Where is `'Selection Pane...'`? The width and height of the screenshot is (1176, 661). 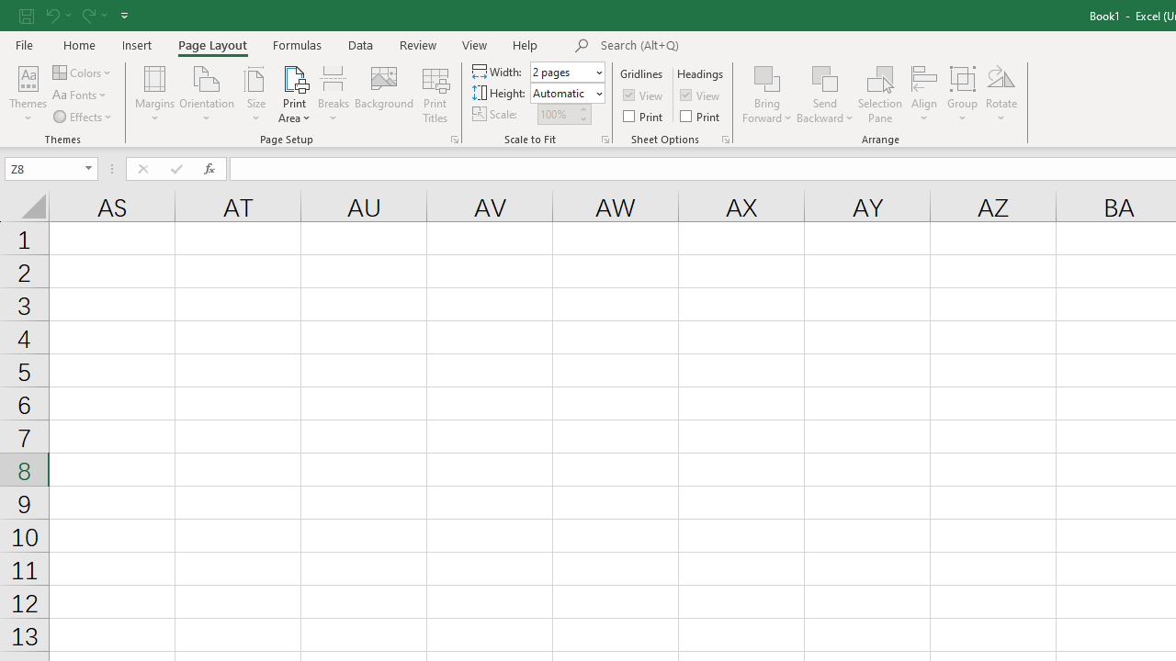
'Selection Pane...' is located at coordinates (879, 95).